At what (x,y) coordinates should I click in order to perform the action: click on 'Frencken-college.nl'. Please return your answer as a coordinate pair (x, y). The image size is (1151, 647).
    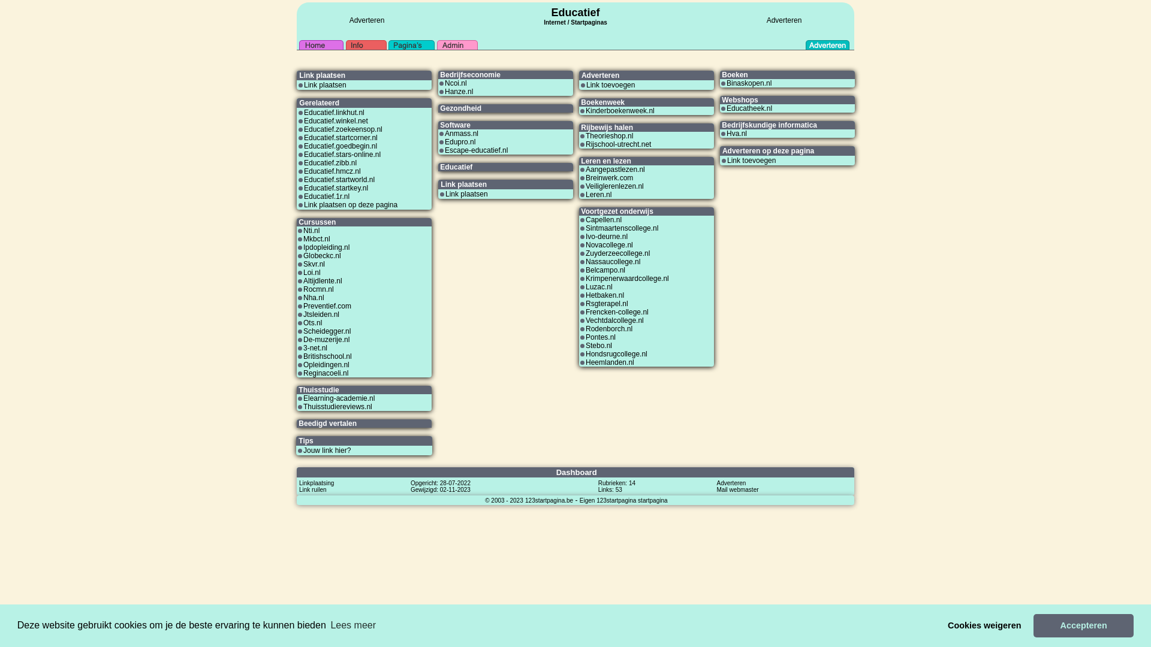
    Looking at the image, I should click on (617, 311).